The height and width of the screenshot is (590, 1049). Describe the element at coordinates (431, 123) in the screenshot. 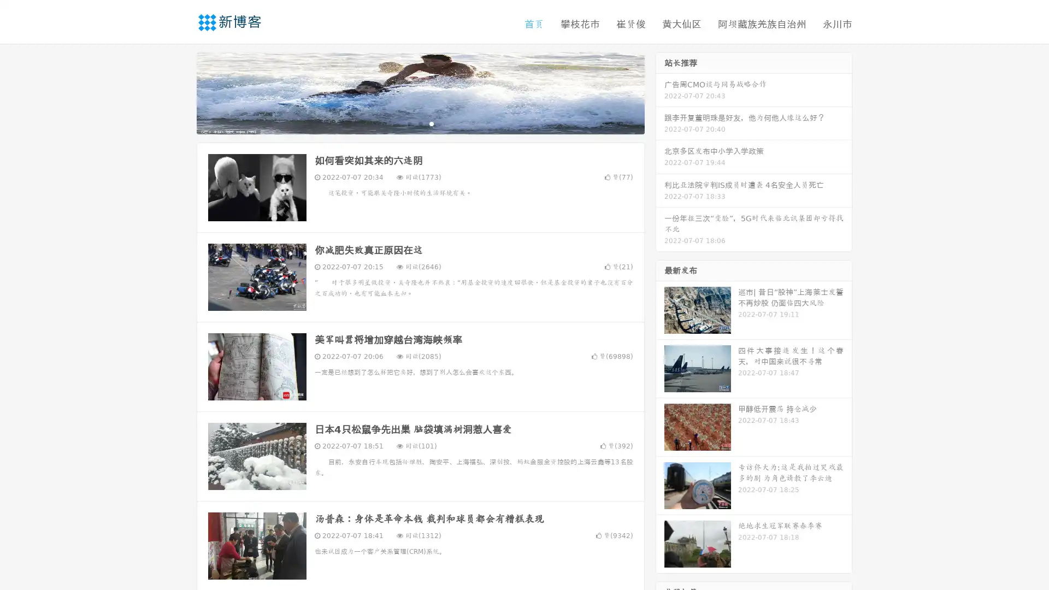

I see `Go to slide 3` at that location.